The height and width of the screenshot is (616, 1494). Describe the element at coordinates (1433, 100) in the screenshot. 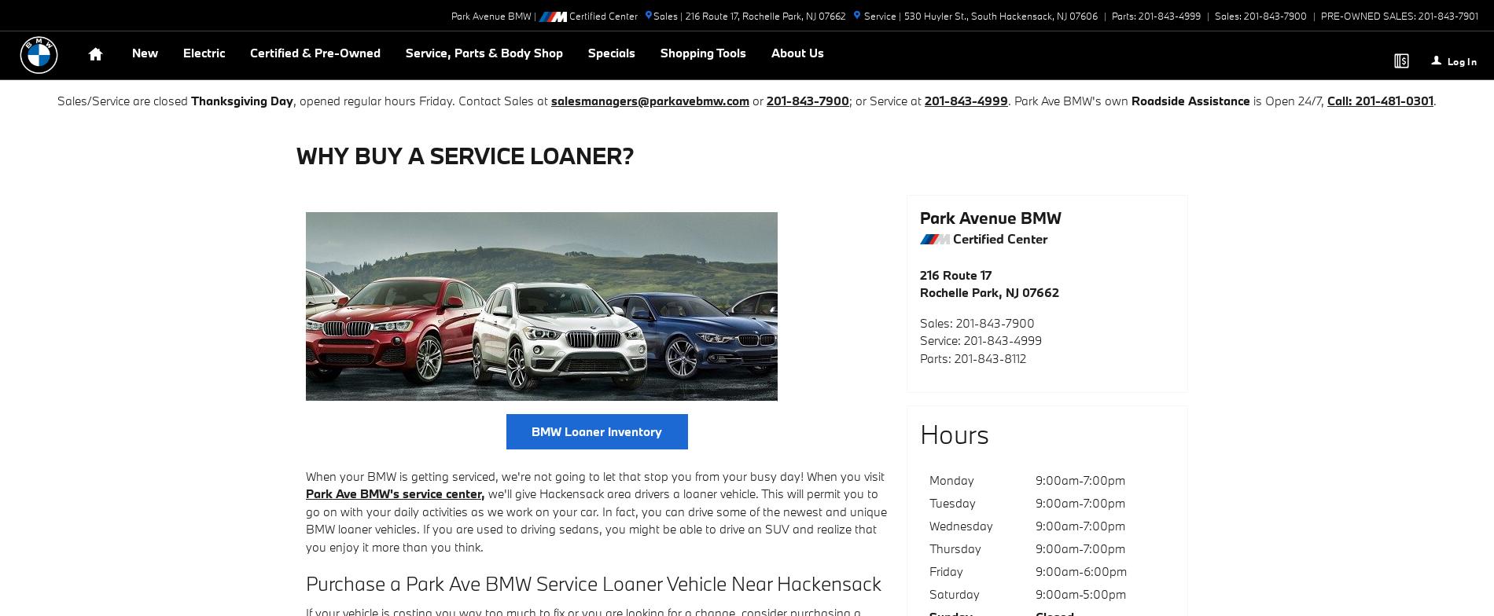

I see `'.'` at that location.